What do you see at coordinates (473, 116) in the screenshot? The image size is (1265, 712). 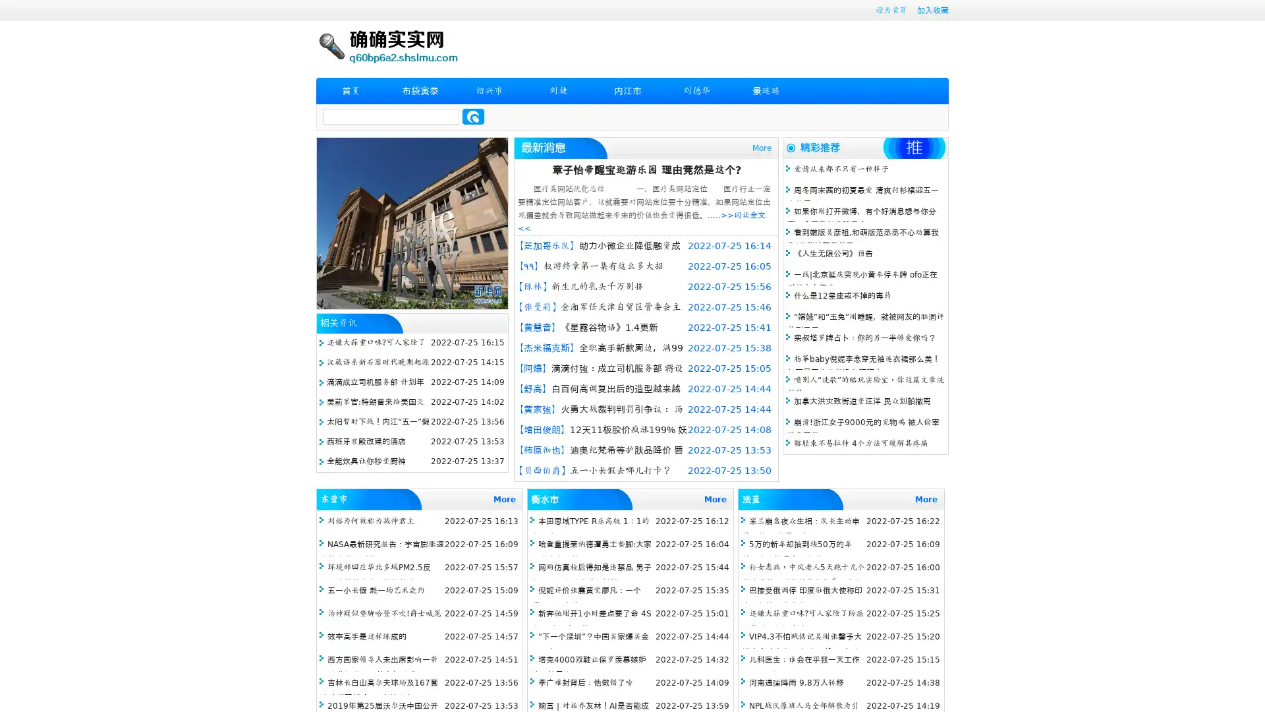 I see `Search` at bounding box center [473, 116].